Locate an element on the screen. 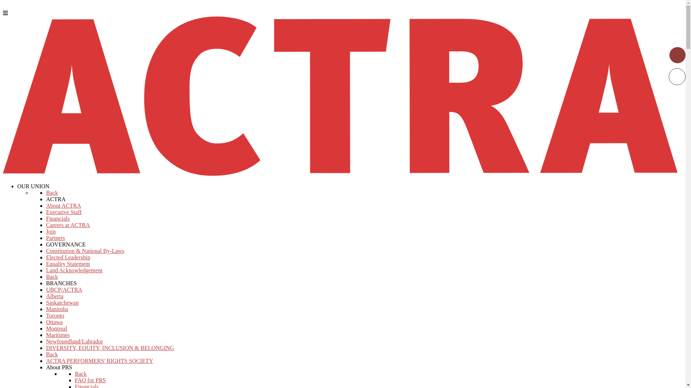 This screenshot has width=691, height=388. 'Constitution & National By-Laws' is located at coordinates (85, 250).